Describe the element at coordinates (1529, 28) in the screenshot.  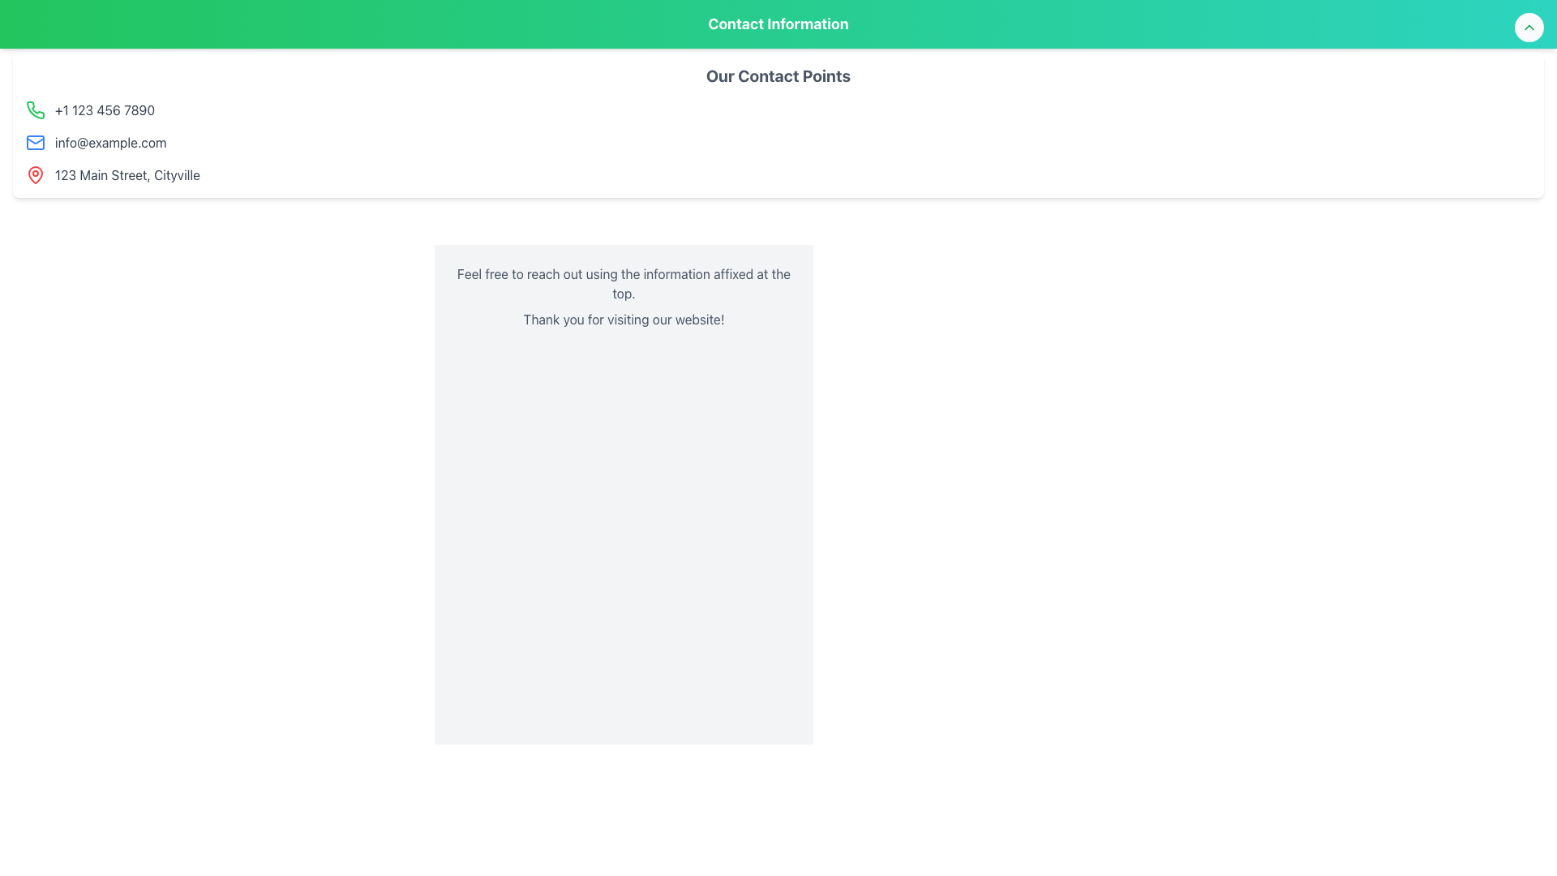
I see `the circular button with a white background and green chevron icon located in the top-right corner of the 'Contact Information' header` at that location.